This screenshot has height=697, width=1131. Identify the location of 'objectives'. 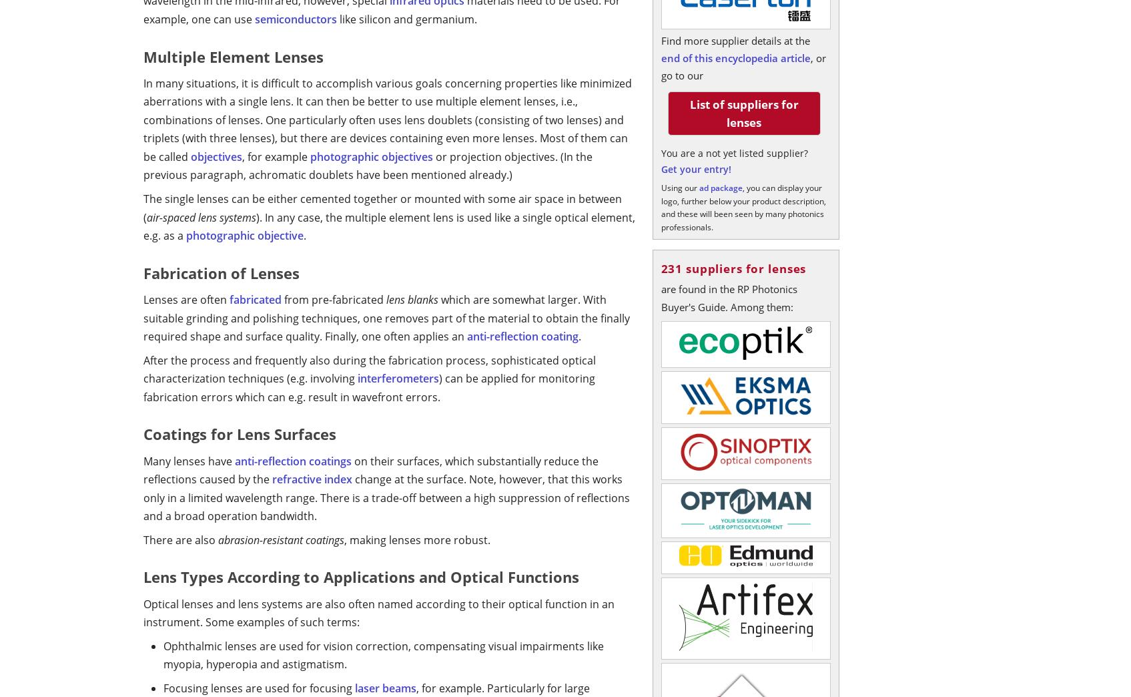
(216, 156).